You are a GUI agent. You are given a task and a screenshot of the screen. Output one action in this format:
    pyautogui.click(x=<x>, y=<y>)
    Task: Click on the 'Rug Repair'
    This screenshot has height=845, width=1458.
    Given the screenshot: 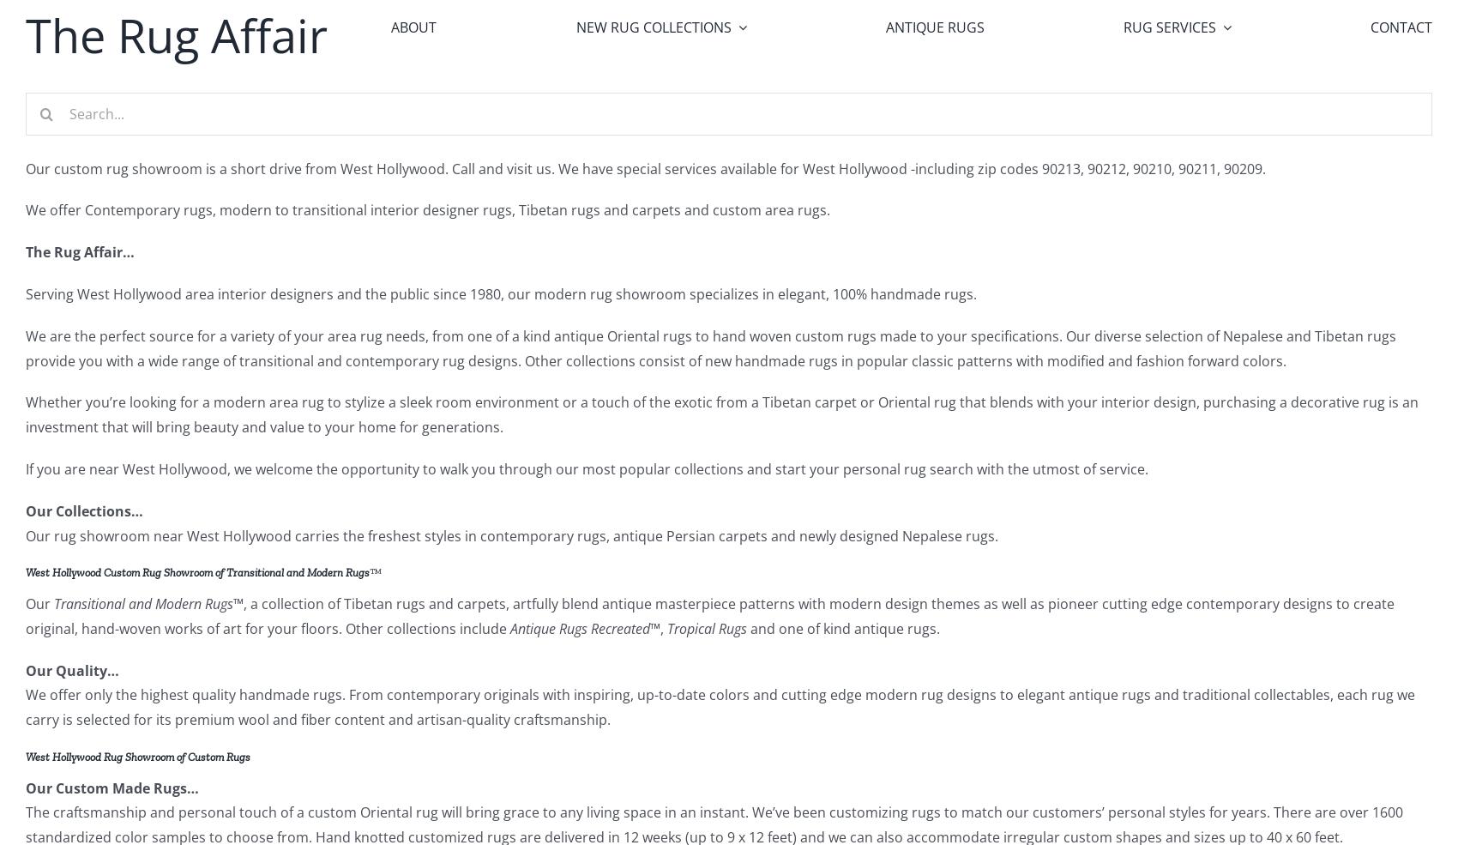 What is the action you would take?
    pyautogui.click(x=1140, y=118)
    